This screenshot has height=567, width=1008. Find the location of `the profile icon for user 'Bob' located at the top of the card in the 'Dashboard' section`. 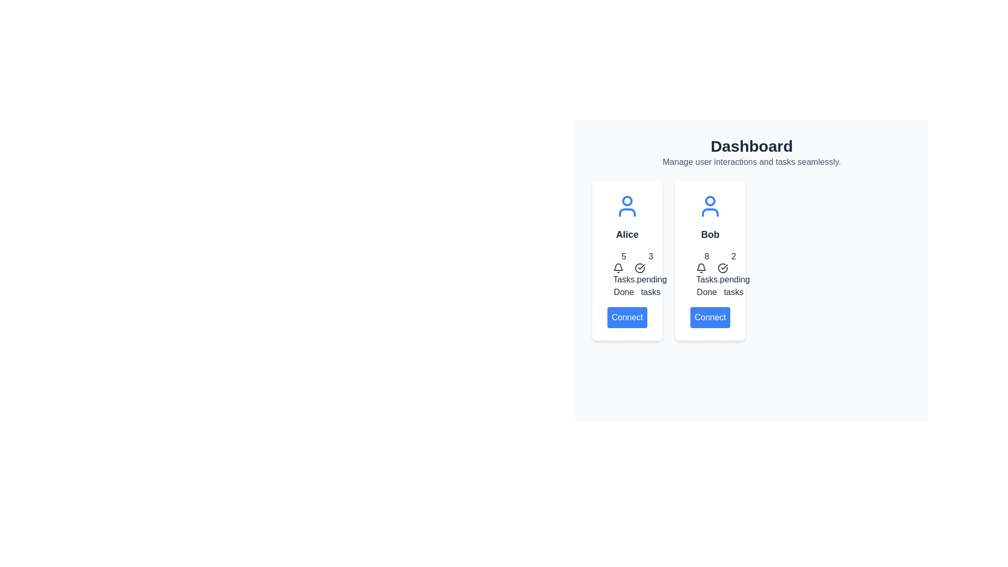

the profile icon for user 'Bob' located at the top of the card in the 'Dashboard' section is located at coordinates (710, 206).